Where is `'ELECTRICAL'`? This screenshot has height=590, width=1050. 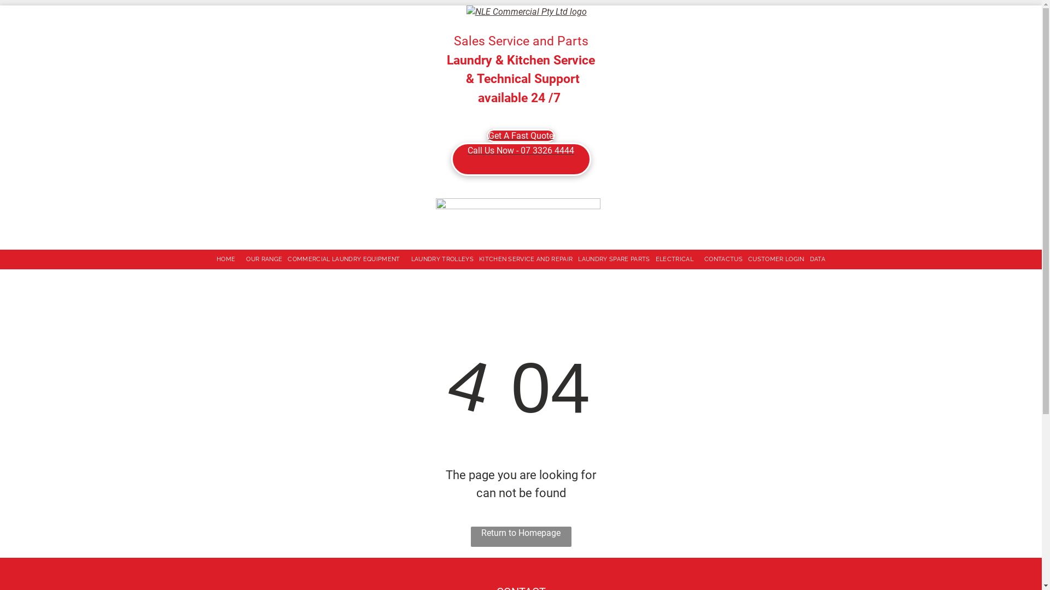 'ELECTRICAL' is located at coordinates (676, 259).